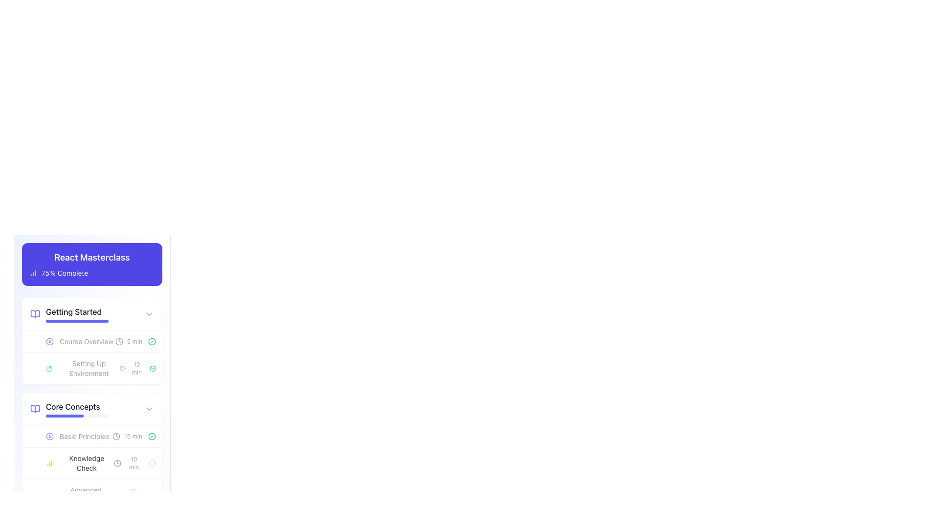 The width and height of the screenshot is (939, 528). I want to click on the decorative icon located in the 'Getting Started' expandable card within the 'React Masterclass' section, which is part of the sublist item labeled 'Setting up Environment', so click(48, 368).